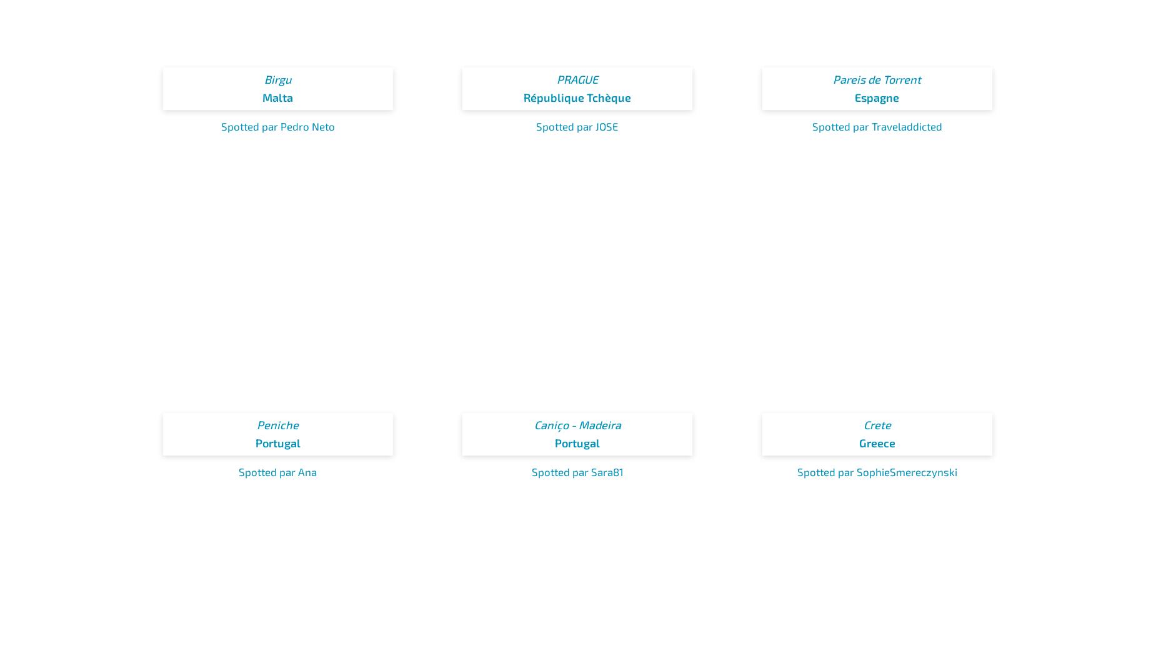 The image size is (1156, 671). I want to click on 'Malta', so click(277, 97).